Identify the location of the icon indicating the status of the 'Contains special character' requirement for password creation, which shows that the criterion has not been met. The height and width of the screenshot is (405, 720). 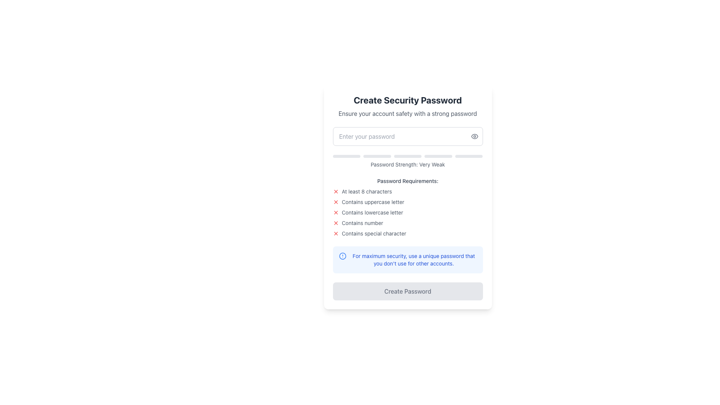
(335, 233).